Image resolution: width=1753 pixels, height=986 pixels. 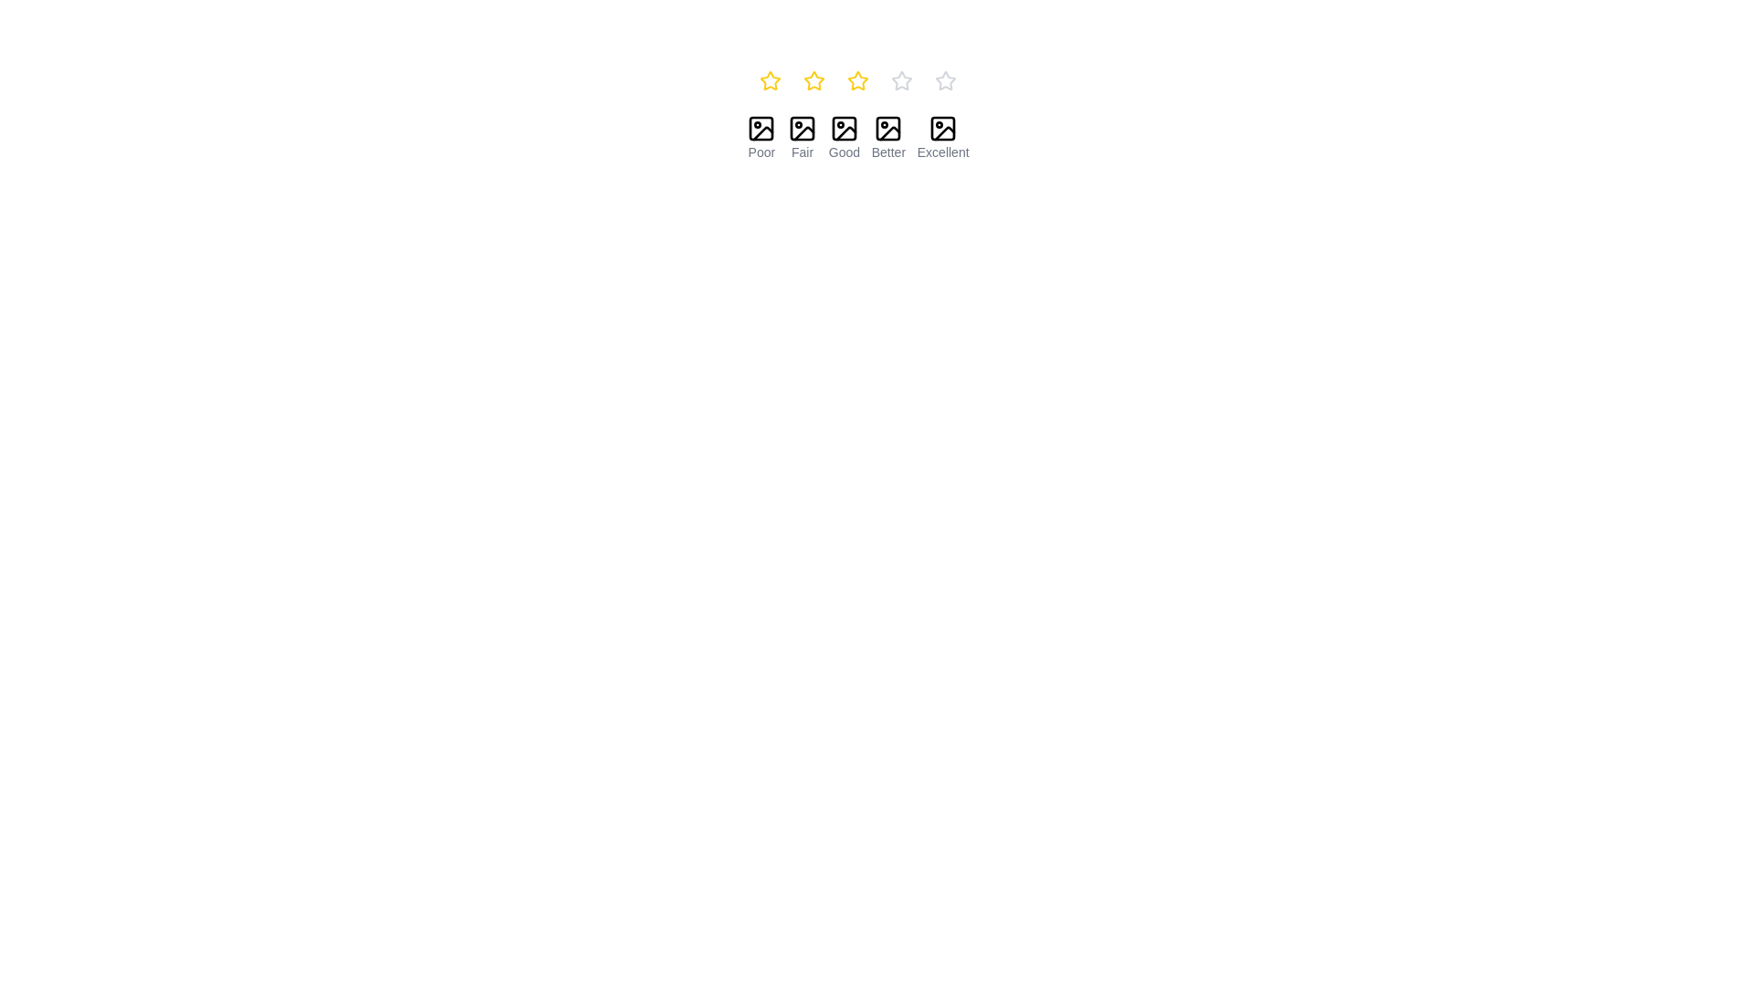 What do you see at coordinates (888, 136) in the screenshot?
I see `the 'Better' rating label located below the photograph icon, which is the fourth item in a horizontal layout of five rating options` at bounding box center [888, 136].